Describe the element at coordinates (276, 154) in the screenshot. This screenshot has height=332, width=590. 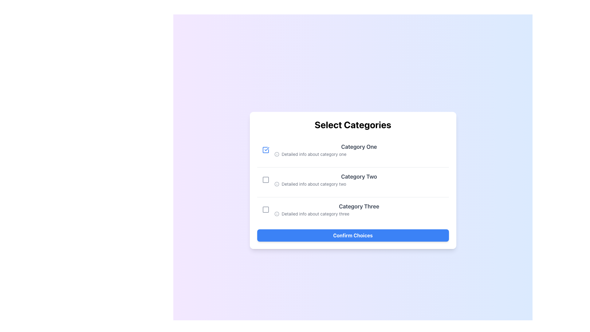
I see `the inner circle of the informational icon next to the label 'Detailed info about category one'` at that location.